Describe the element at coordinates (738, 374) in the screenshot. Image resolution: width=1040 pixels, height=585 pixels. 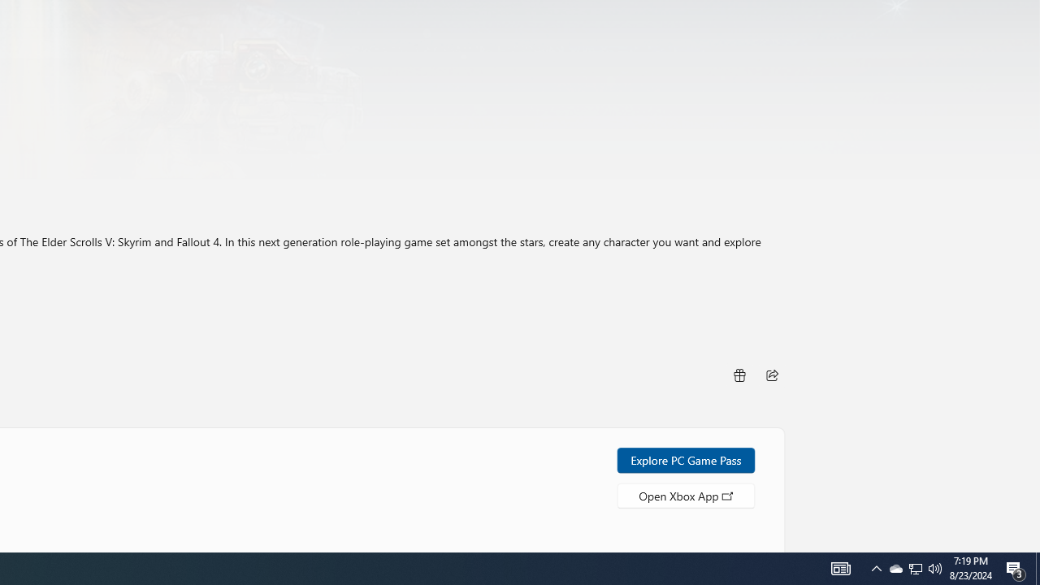
I see `'Buy as gift'` at that location.